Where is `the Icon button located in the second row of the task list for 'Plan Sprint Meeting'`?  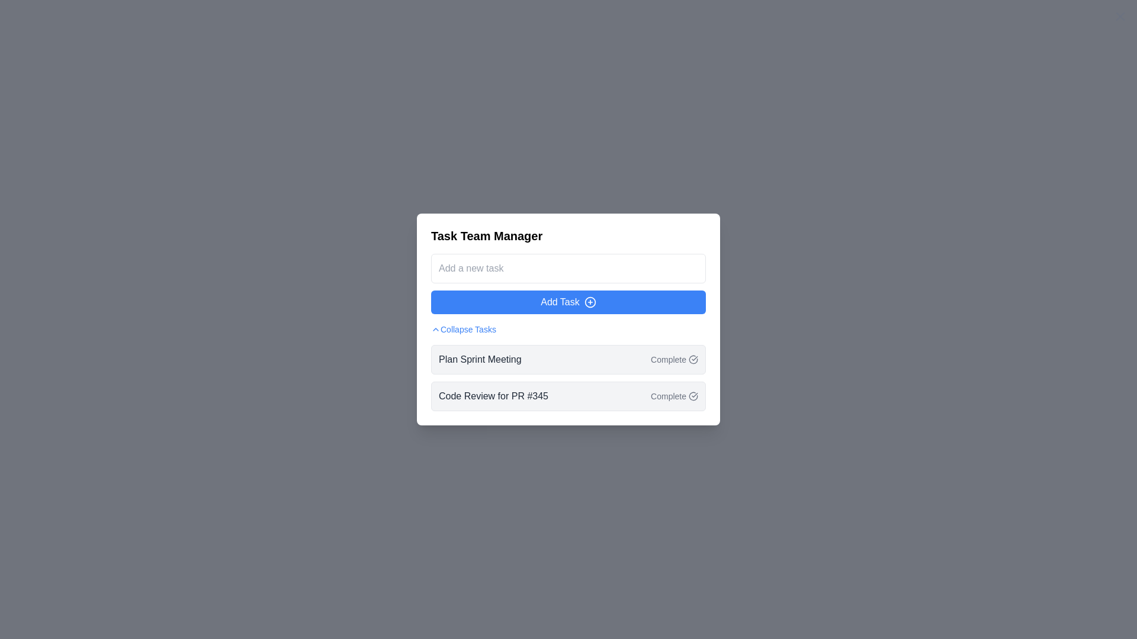 the Icon button located in the second row of the task list for 'Plan Sprint Meeting' is located at coordinates (693, 359).